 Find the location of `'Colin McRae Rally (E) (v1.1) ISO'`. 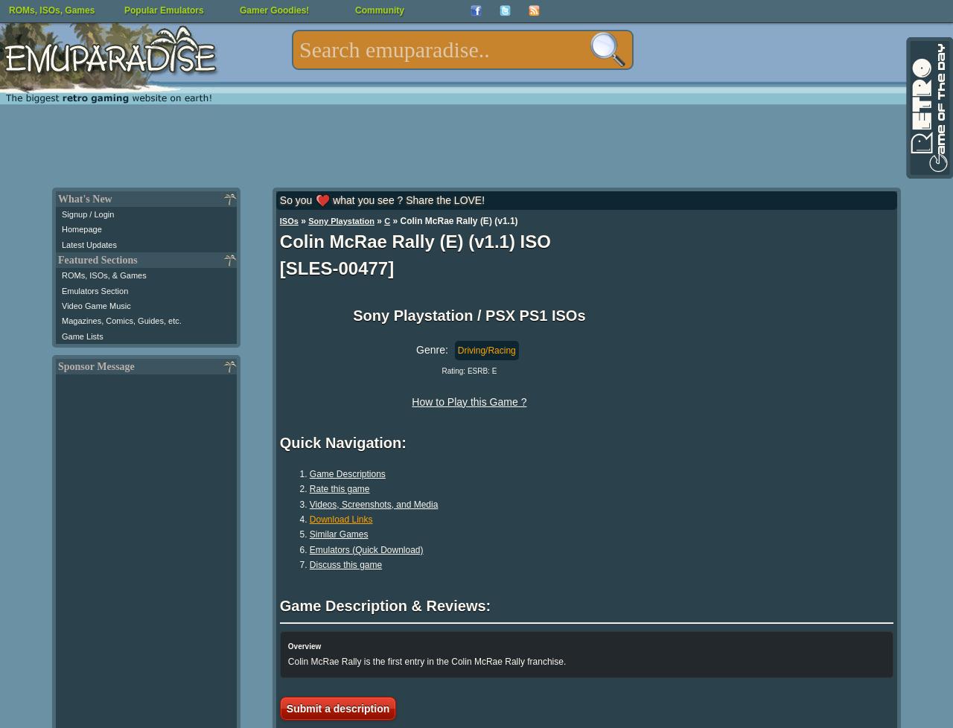

'Colin McRae Rally (E) (v1.1) ISO' is located at coordinates (415, 240).